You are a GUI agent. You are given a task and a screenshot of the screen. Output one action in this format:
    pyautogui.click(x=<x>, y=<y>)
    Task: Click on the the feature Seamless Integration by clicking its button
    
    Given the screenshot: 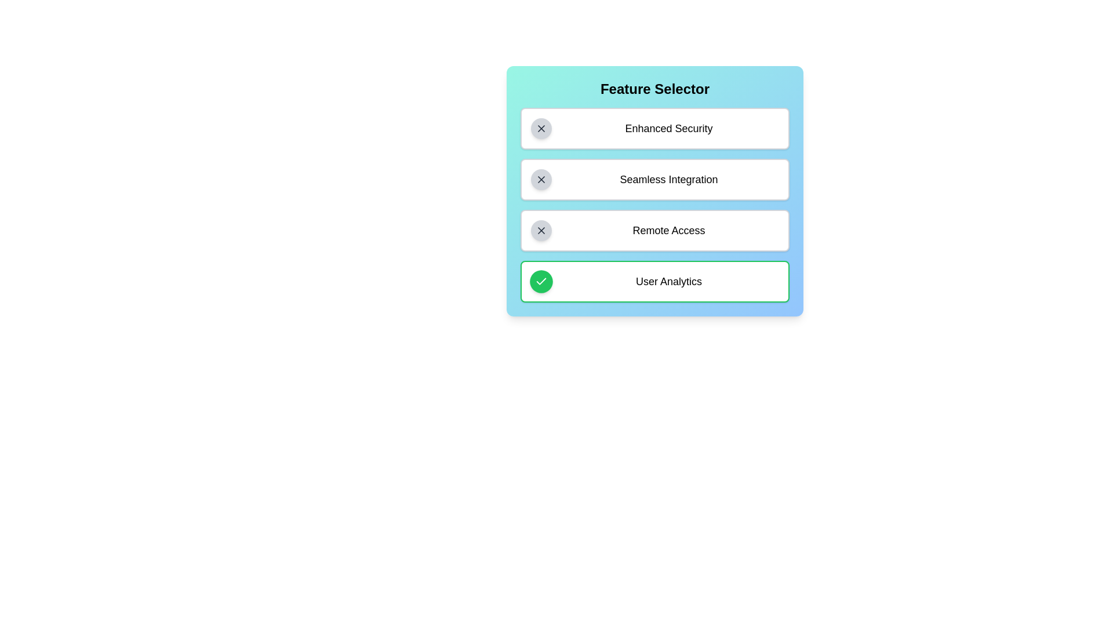 What is the action you would take?
    pyautogui.click(x=541, y=179)
    